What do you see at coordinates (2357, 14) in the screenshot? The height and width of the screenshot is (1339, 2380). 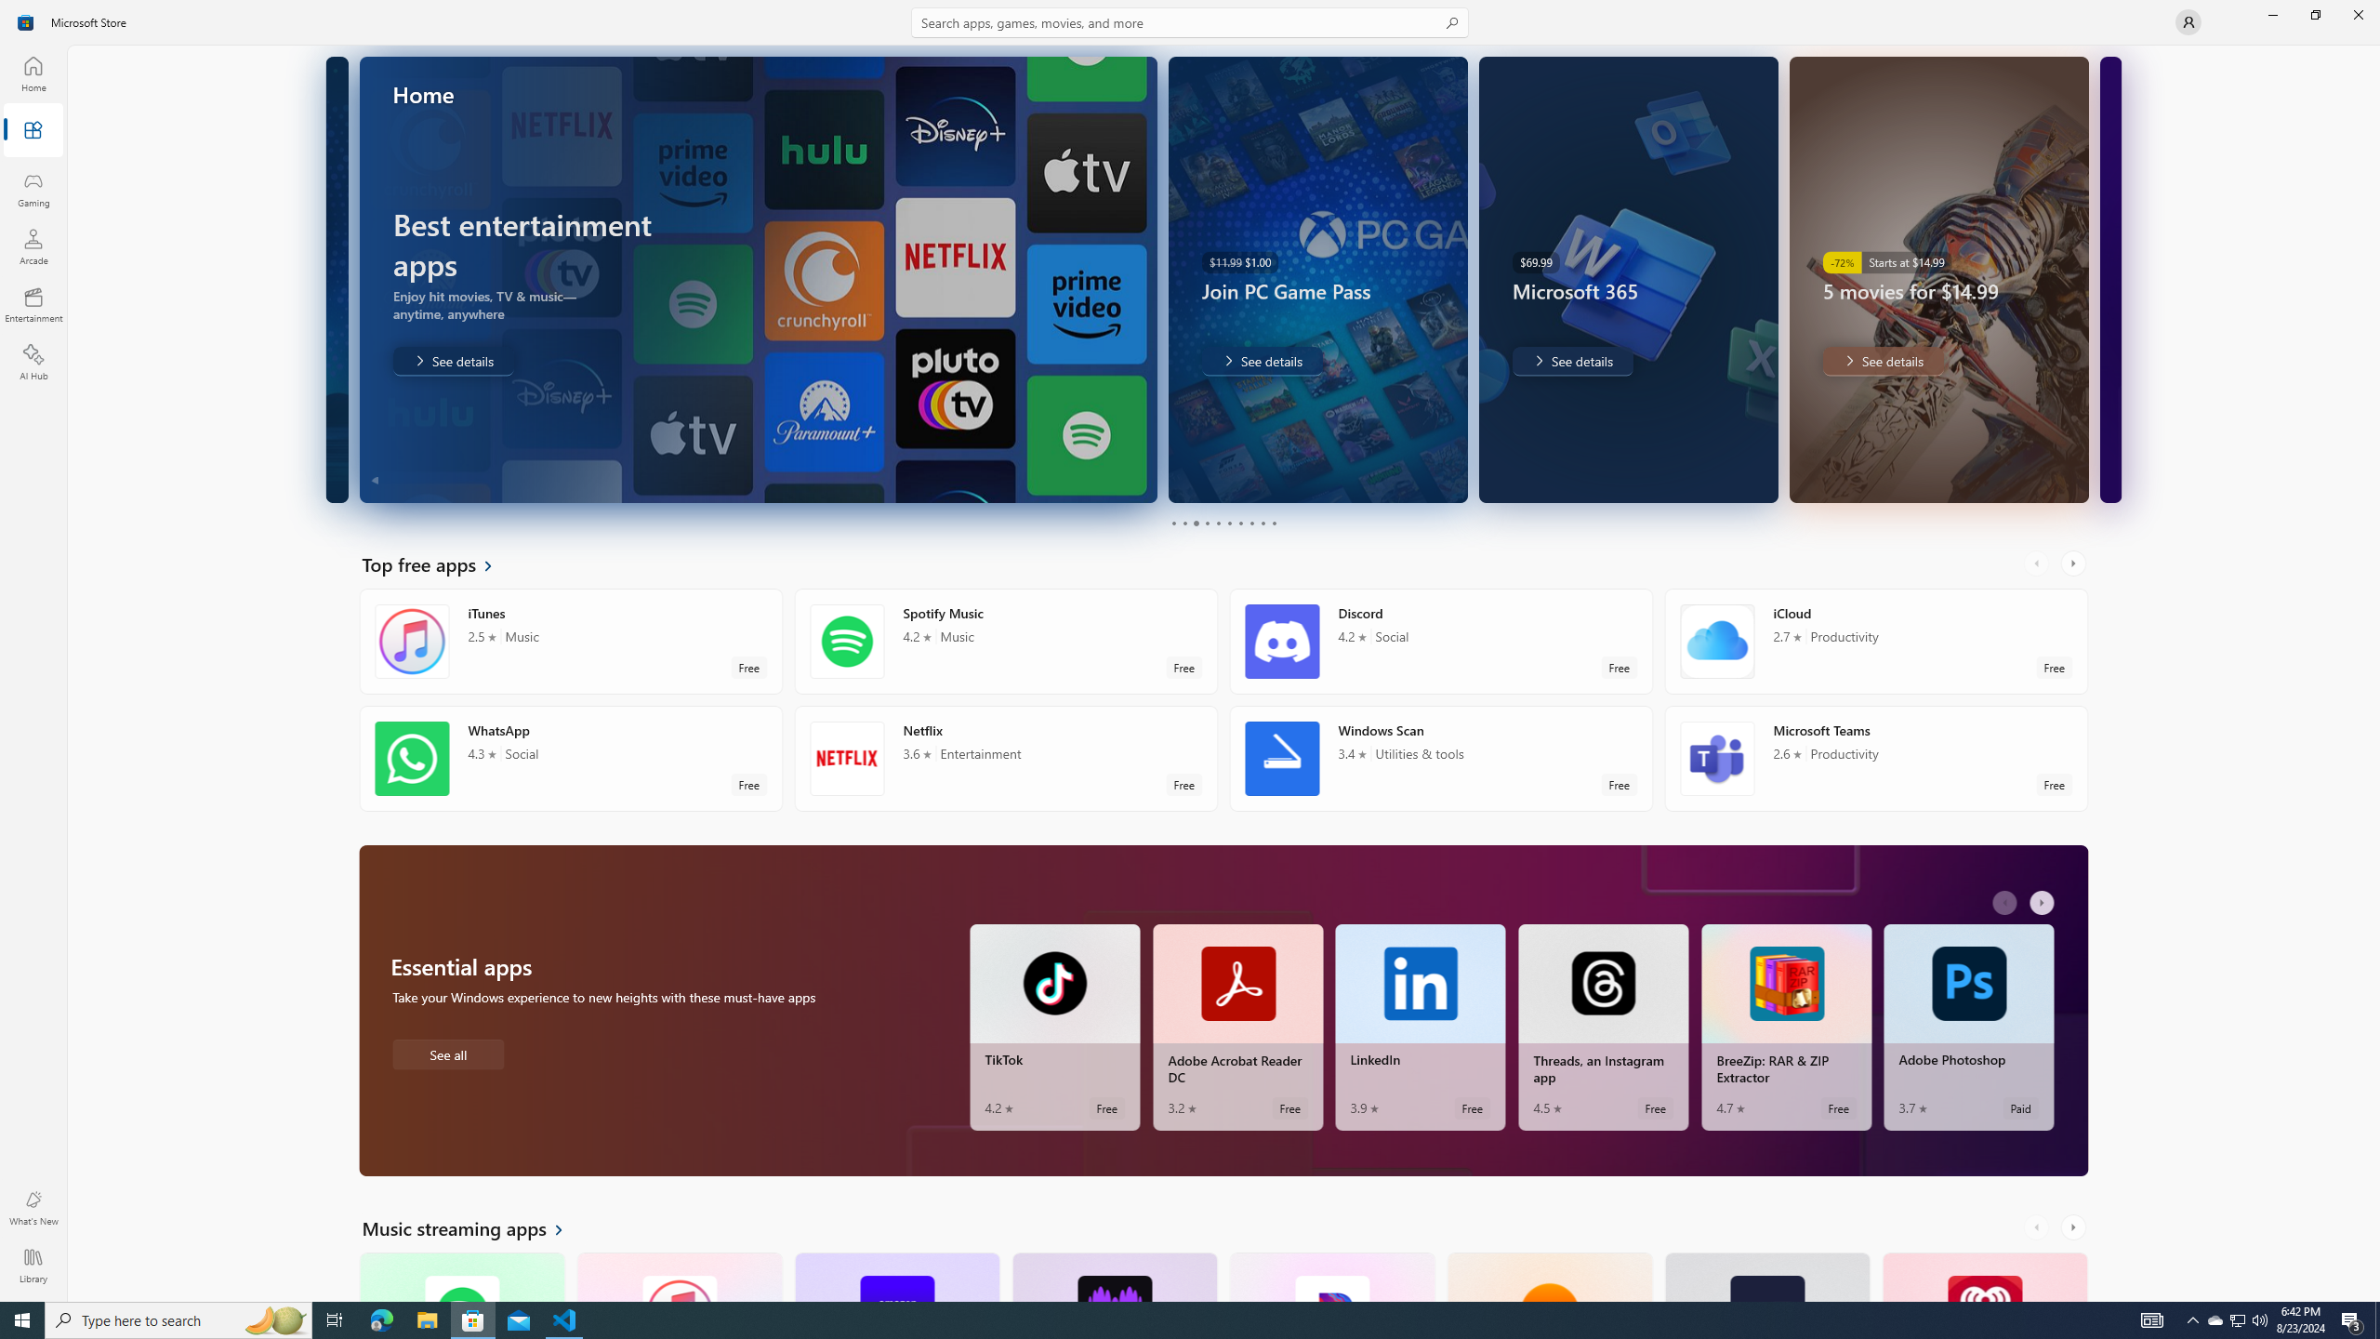 I see `'Close Microsoft Store'` at bounding box center [2357, 14].